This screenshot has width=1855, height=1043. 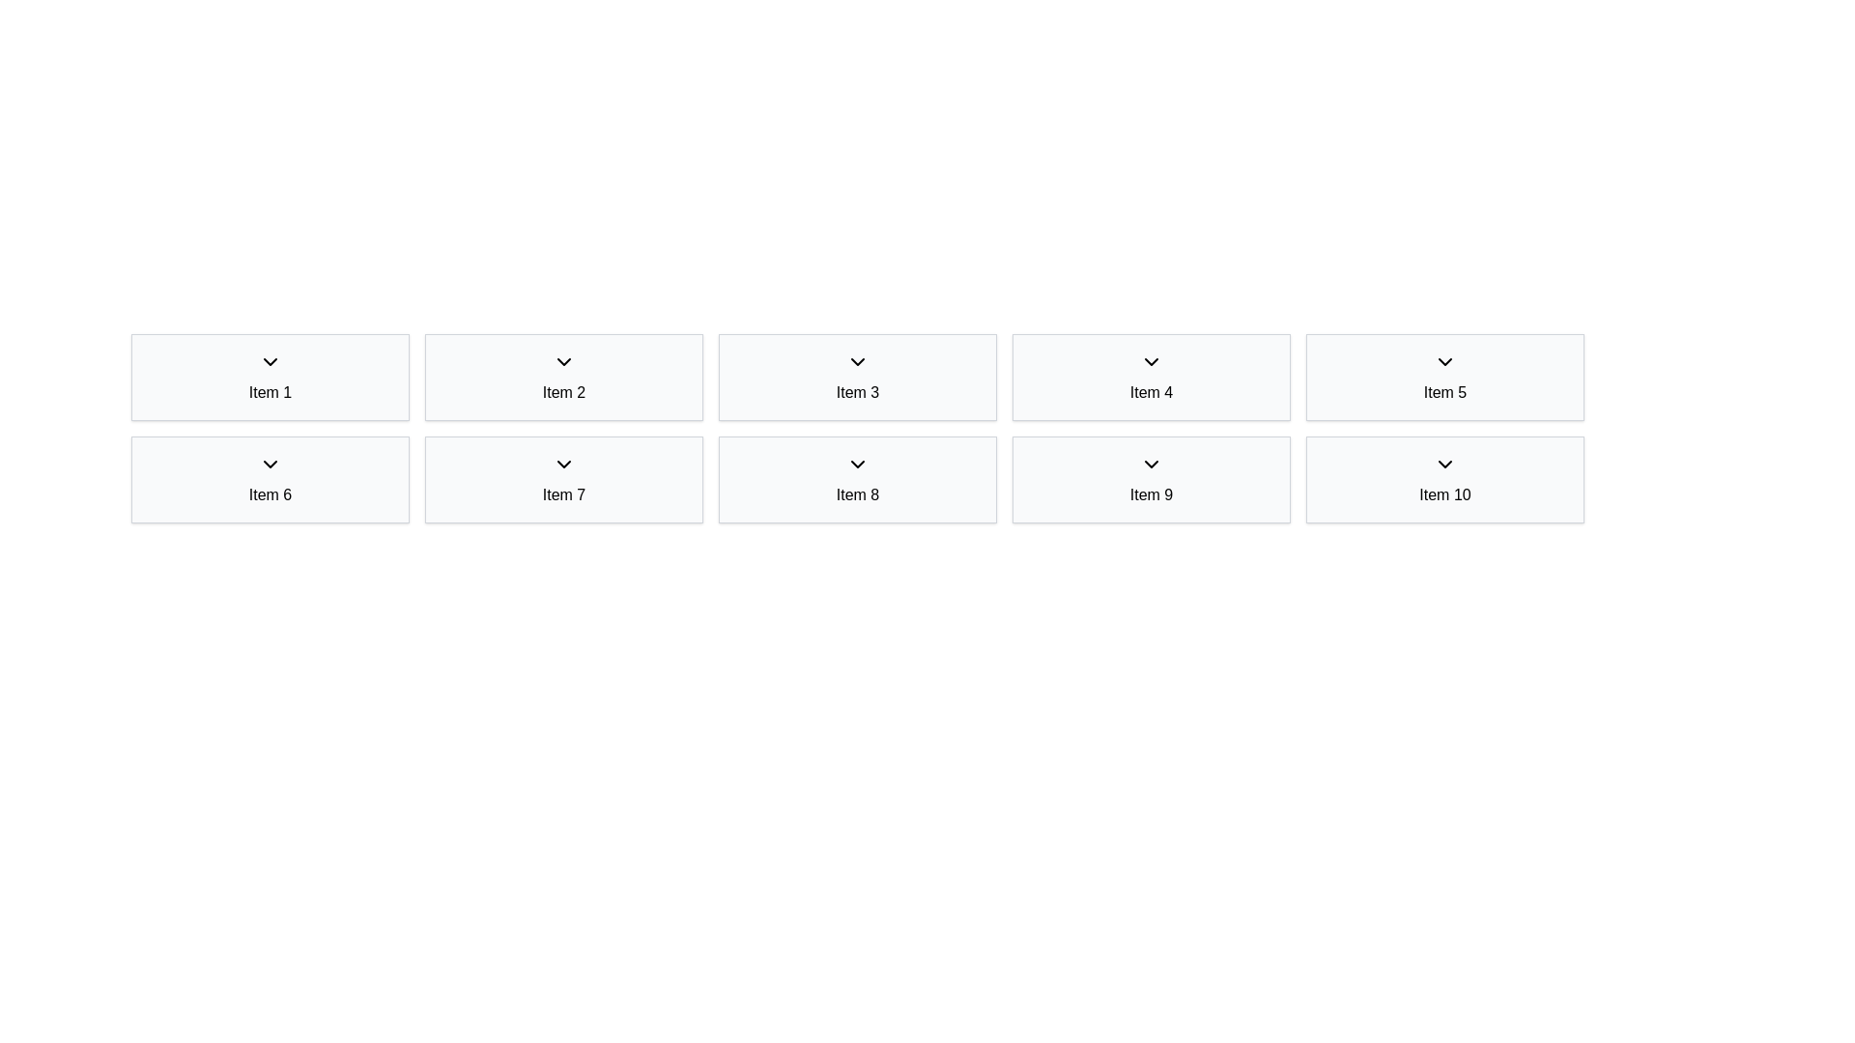 I want to click on the downward-pointing chevron icon located in the fourth column of the top row, above the label 'Item 4', to receive feedback, so click(x=1151, y=361).